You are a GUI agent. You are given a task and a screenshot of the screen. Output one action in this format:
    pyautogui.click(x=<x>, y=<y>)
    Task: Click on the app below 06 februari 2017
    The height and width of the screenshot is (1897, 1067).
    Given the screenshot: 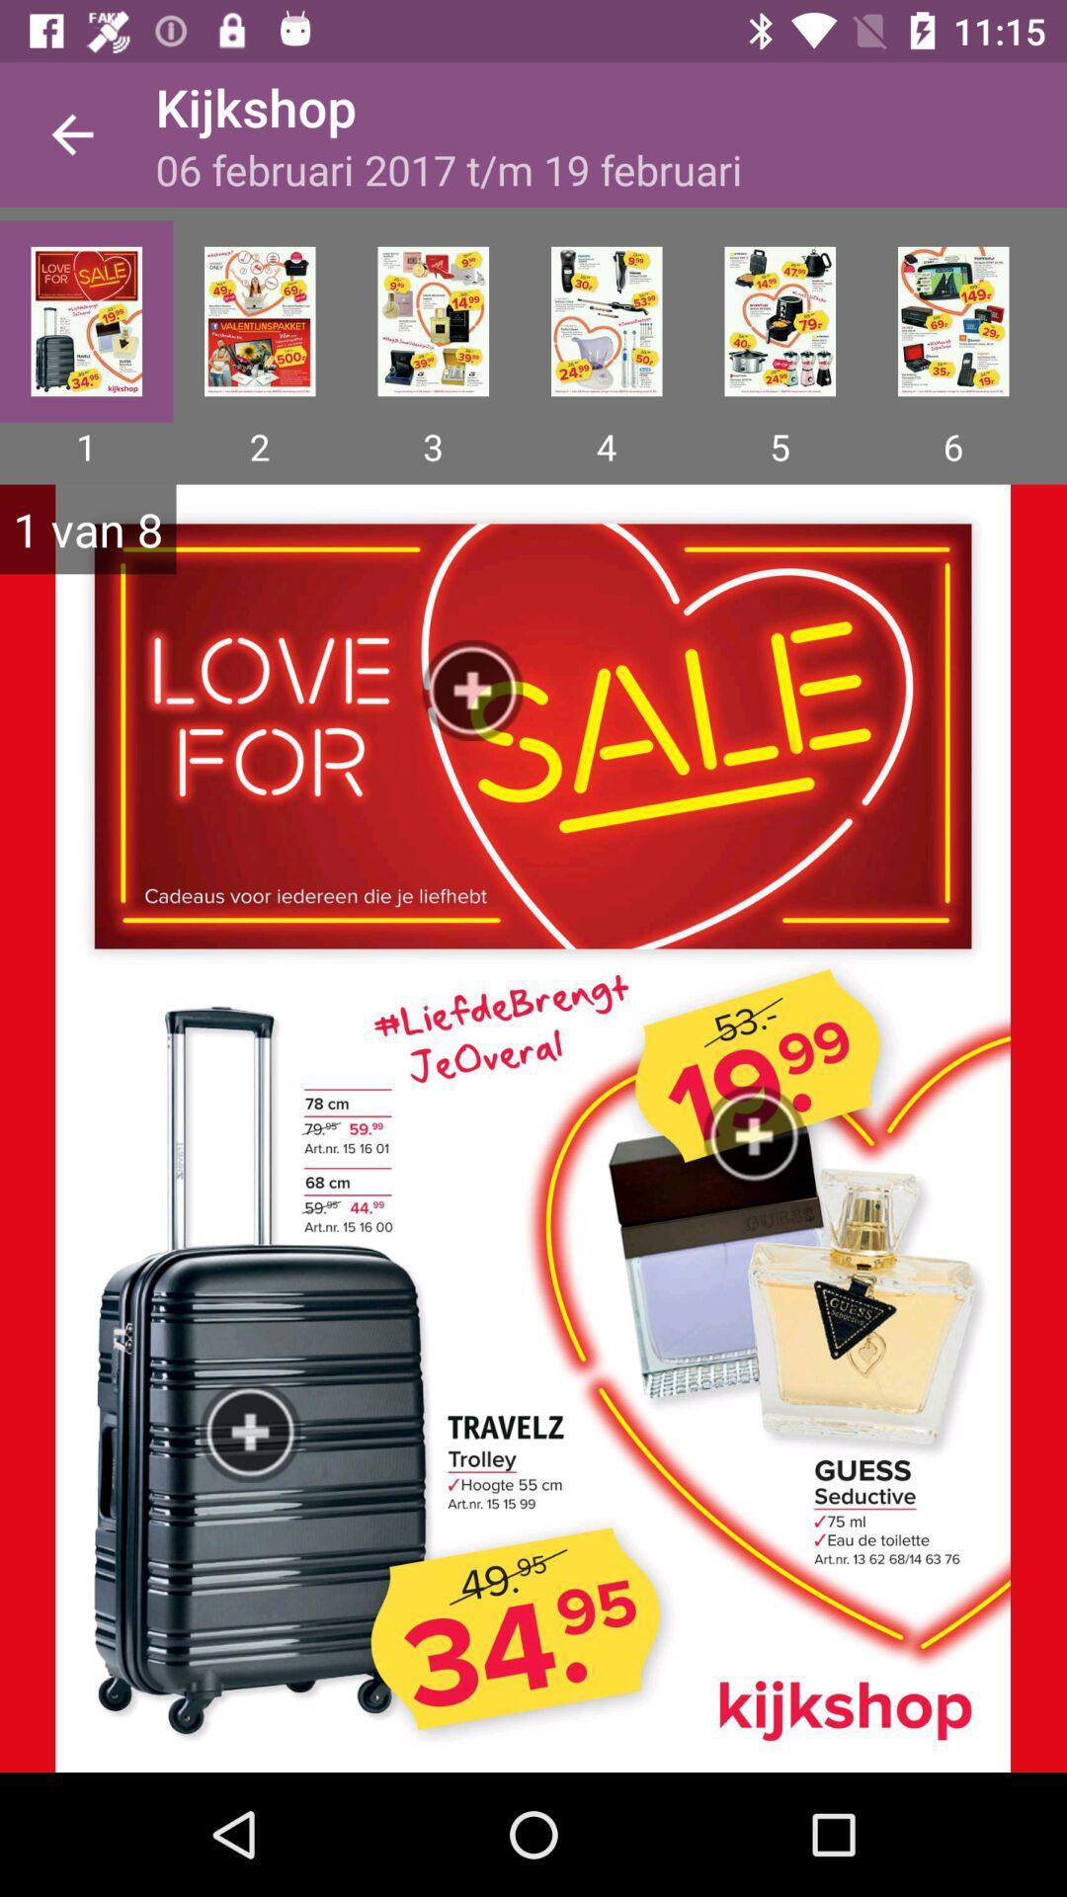 What is the action you would take?
    pyautogui.click(x=606, y=321)
    